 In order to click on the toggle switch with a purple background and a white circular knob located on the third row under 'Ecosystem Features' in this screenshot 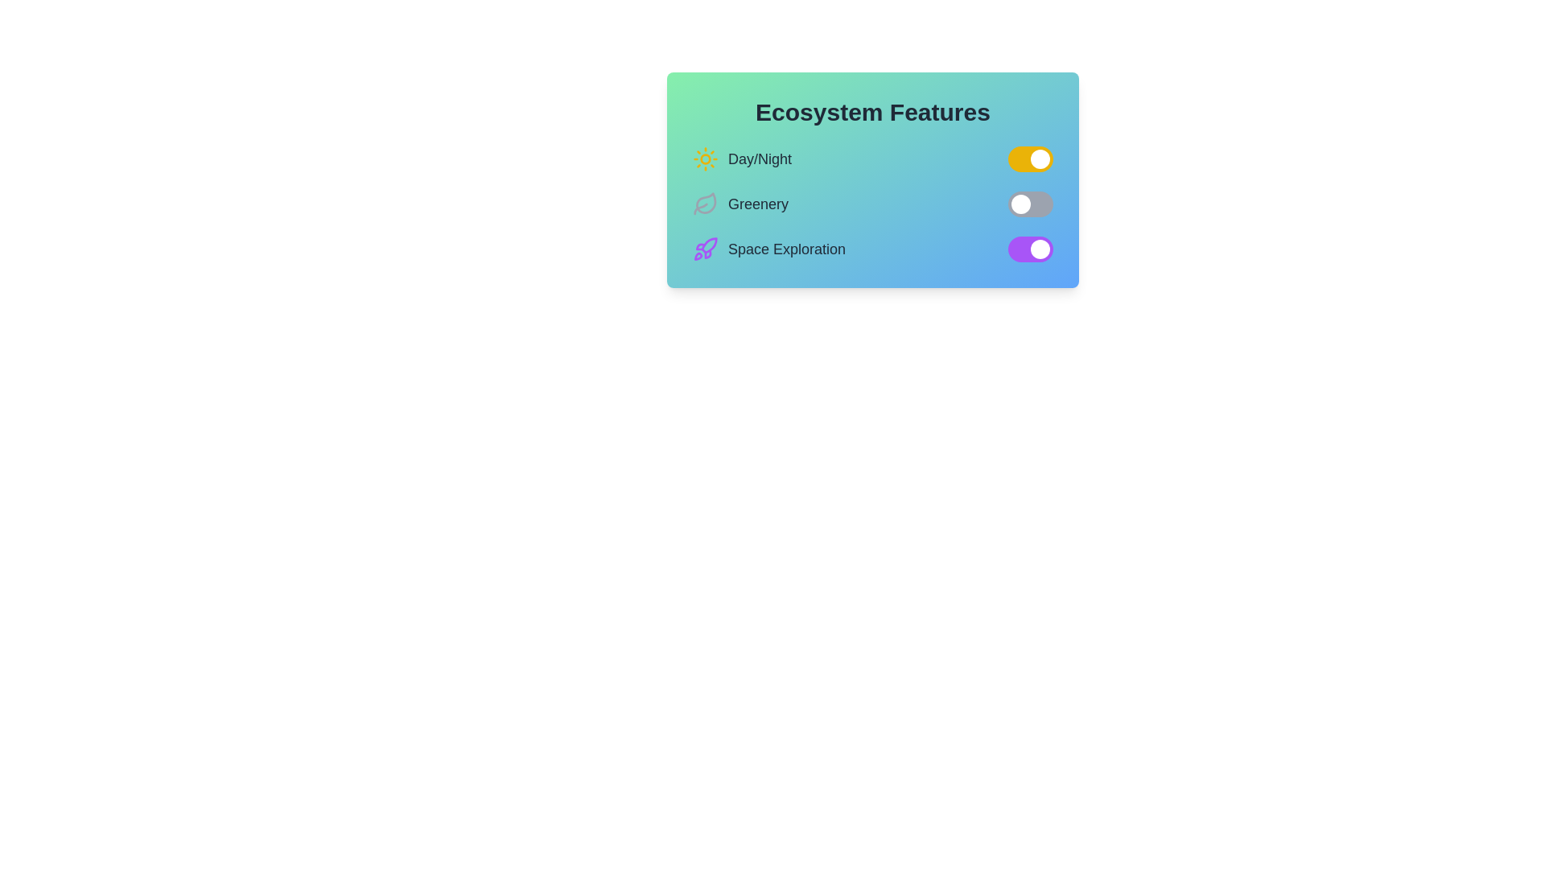, I will do `click(1031, 249)`.